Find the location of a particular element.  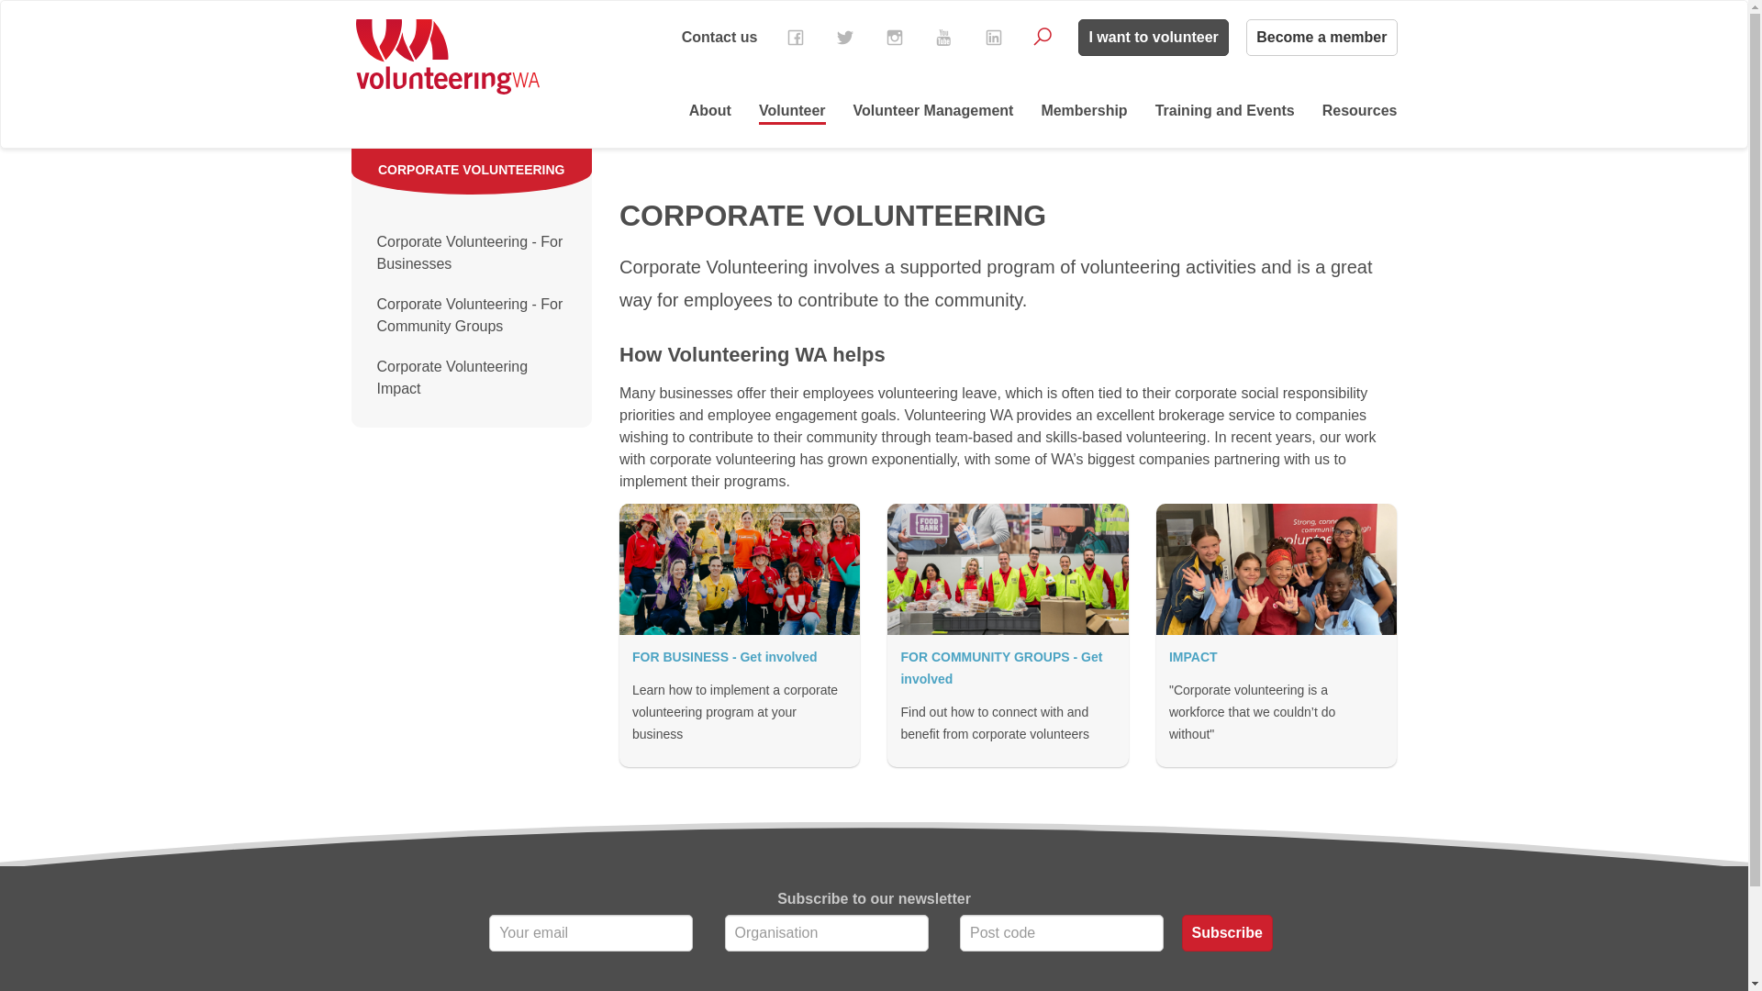

'IMPACT' is located at coordinates (1167, 656).